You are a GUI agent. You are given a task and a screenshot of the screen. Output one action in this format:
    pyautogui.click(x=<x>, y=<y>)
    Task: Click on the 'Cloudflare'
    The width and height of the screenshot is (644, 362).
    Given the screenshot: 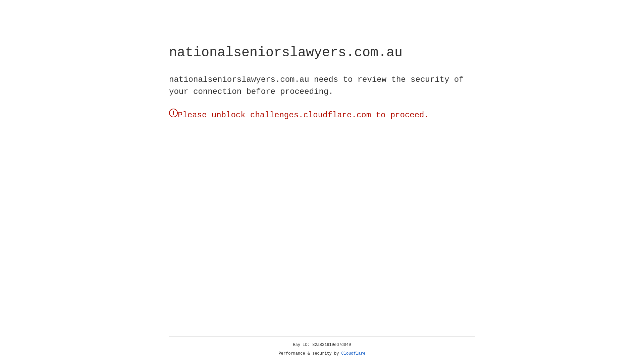 What is the action you would take?
    pyautogui.click(x=353, y=353)
    